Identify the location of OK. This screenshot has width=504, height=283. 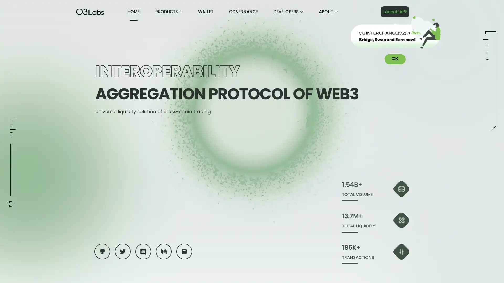
(395, 59).